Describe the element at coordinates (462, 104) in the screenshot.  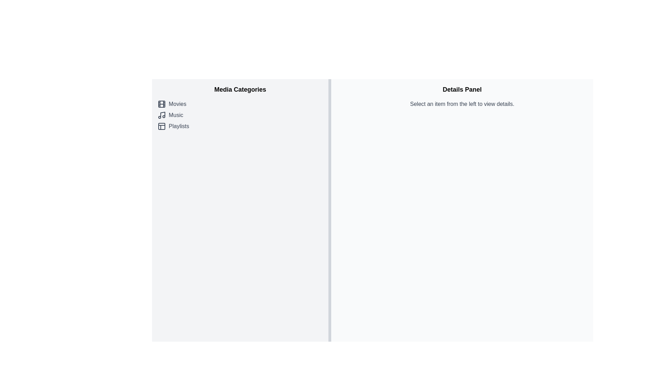
I see `informational text located below the 'Details Panel' heading in the right-side section of the interface` at that location.